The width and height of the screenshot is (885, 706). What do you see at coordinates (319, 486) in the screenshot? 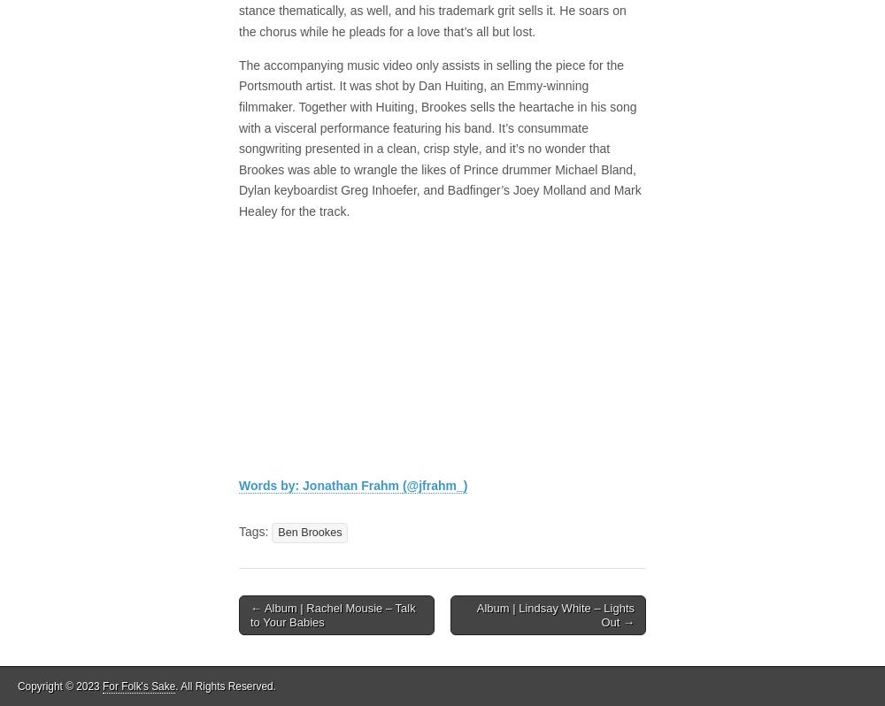
I see `'Words by: Jonathan Frahm'` at bounding box center [319, 486].